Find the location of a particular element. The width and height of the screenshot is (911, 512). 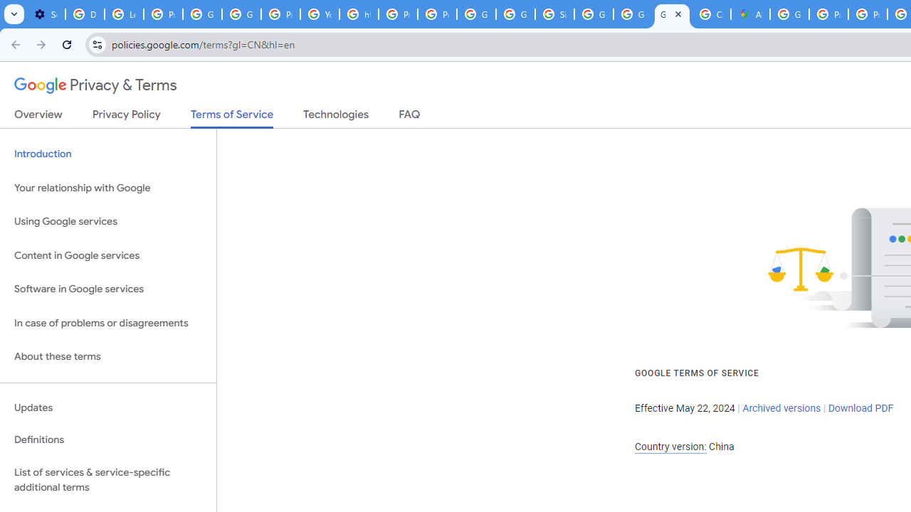

'Download PDF' is located at coordinates (860, 408).